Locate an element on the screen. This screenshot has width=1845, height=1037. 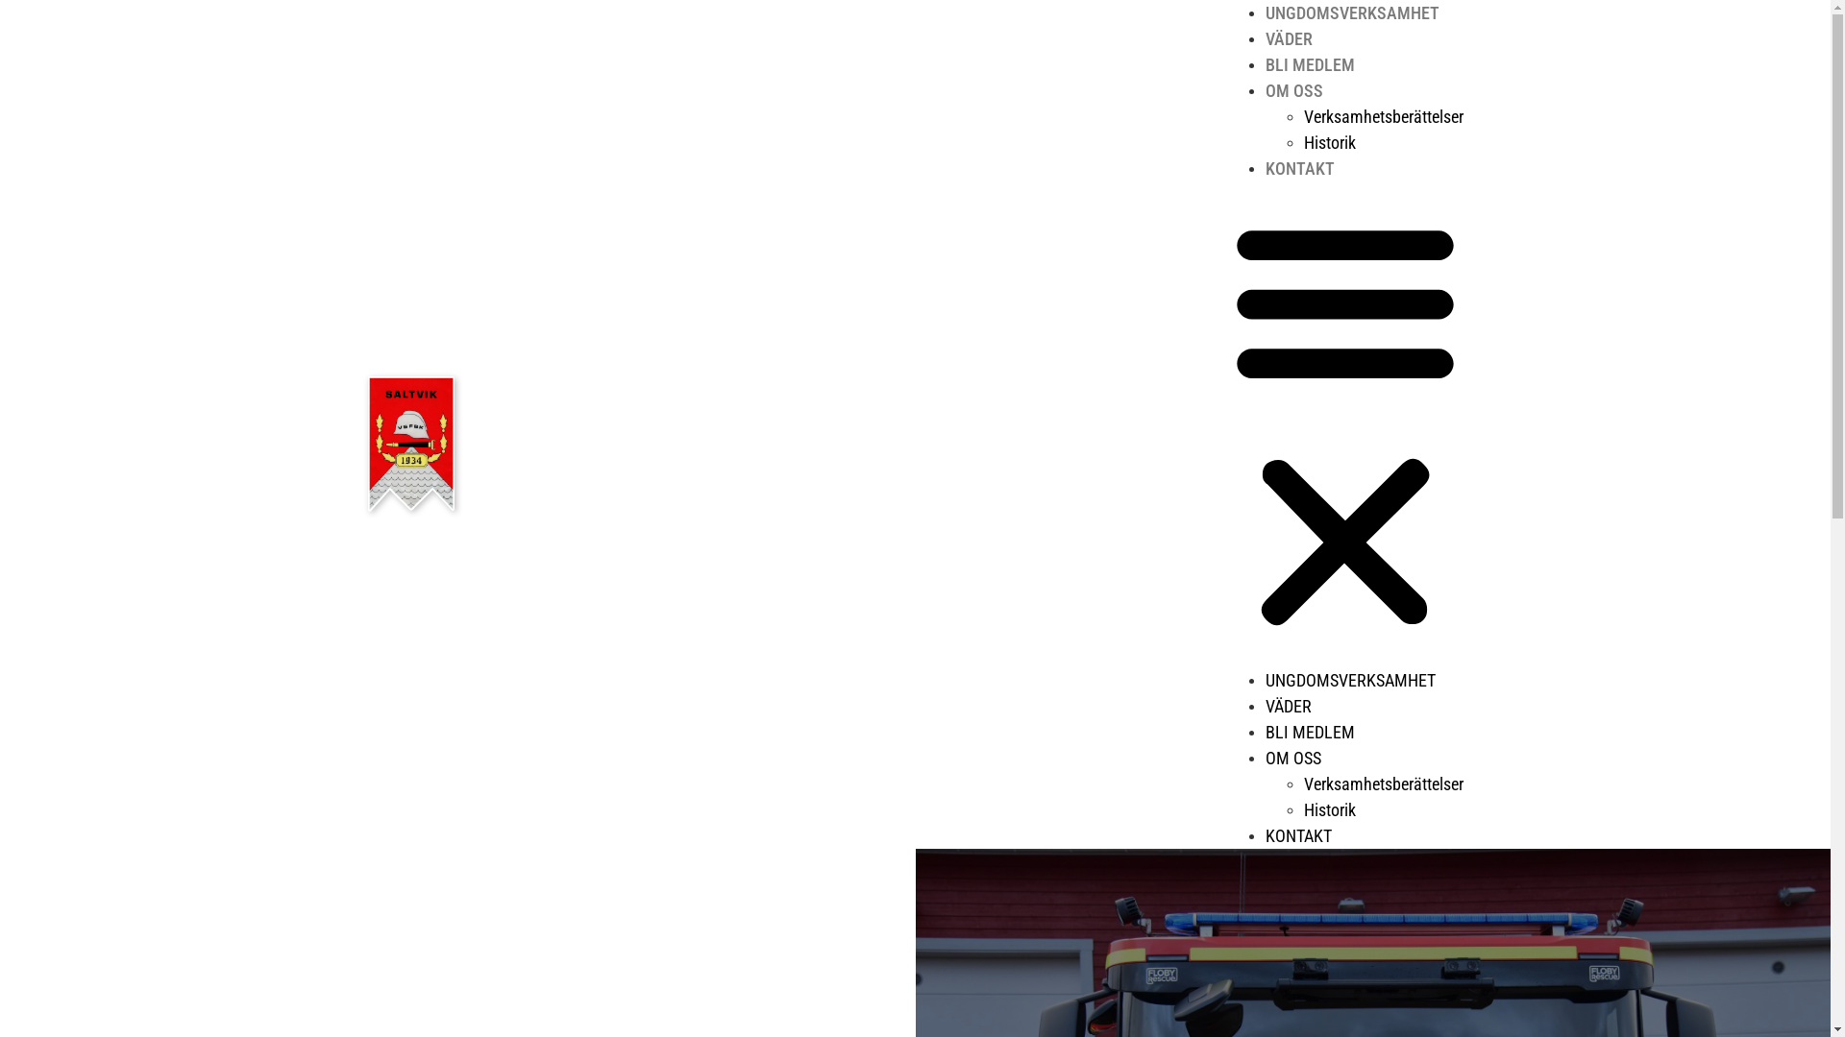
'UNGDOMSVERKSAMHET' is located at coordinates (1350, 12).